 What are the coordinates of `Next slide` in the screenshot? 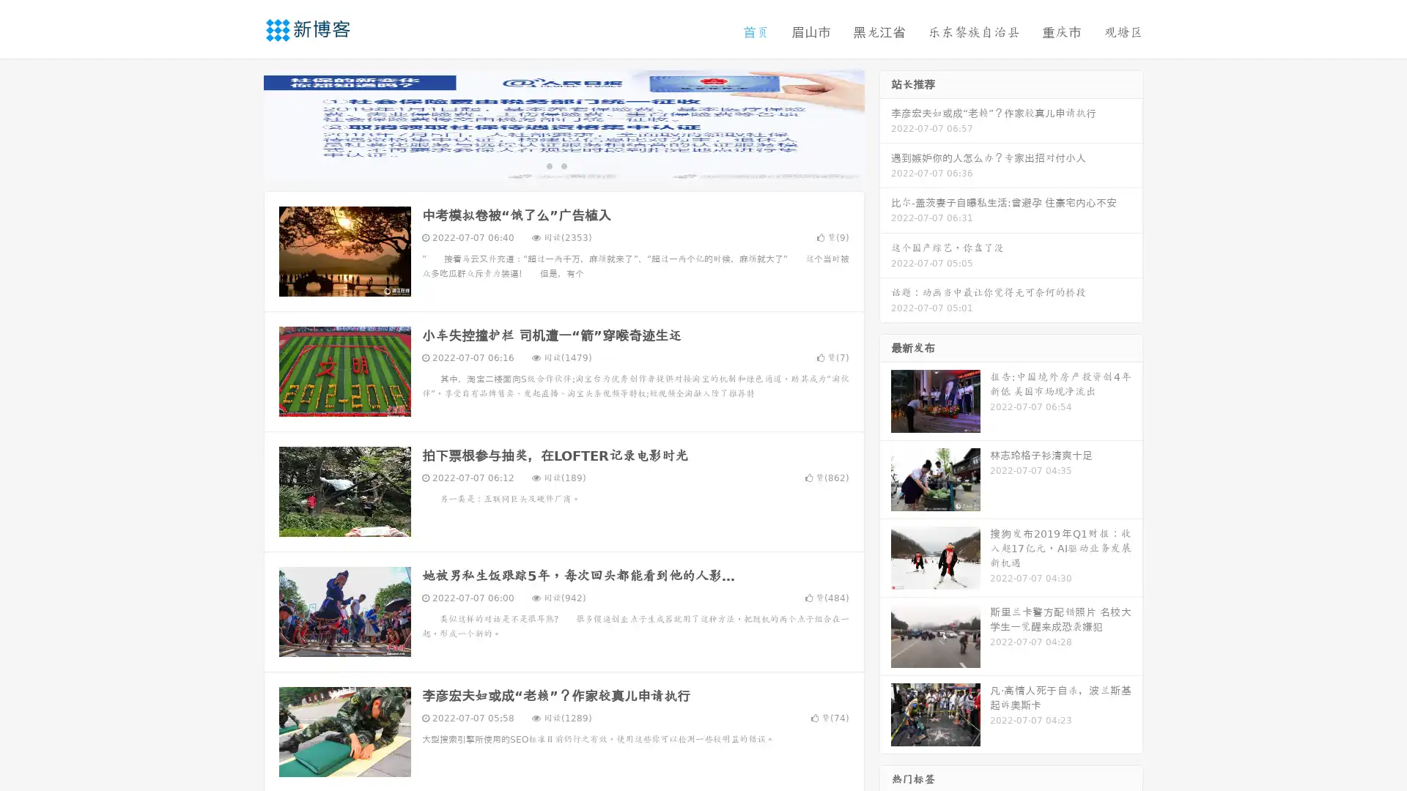 It's located at (885, 123).